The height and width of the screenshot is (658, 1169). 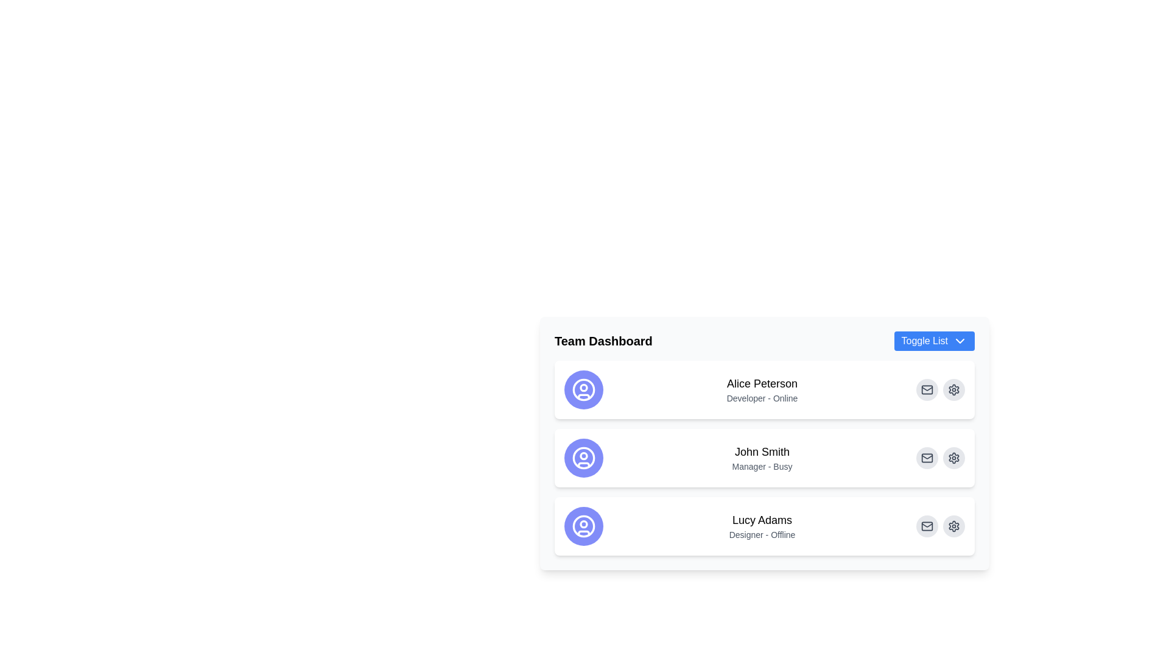 What do you see at coordinates (926, 526) in the screenshot?
I see `the mailing button associated with user 'Lucy Adams' located at the bottom-most card of the list, next to the settings cogwheel` at bounding box center [926, 526].